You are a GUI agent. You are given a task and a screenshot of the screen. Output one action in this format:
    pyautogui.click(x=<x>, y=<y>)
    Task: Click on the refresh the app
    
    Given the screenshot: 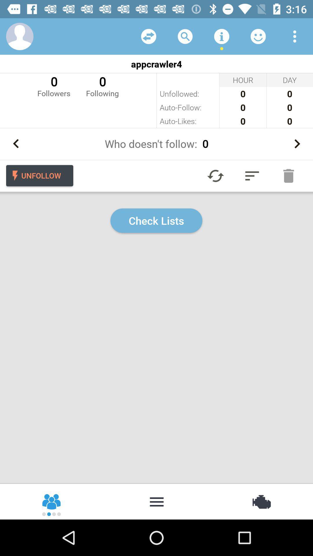 What is the action you would take?
    pyautogui.click(x=216, y=175)
    